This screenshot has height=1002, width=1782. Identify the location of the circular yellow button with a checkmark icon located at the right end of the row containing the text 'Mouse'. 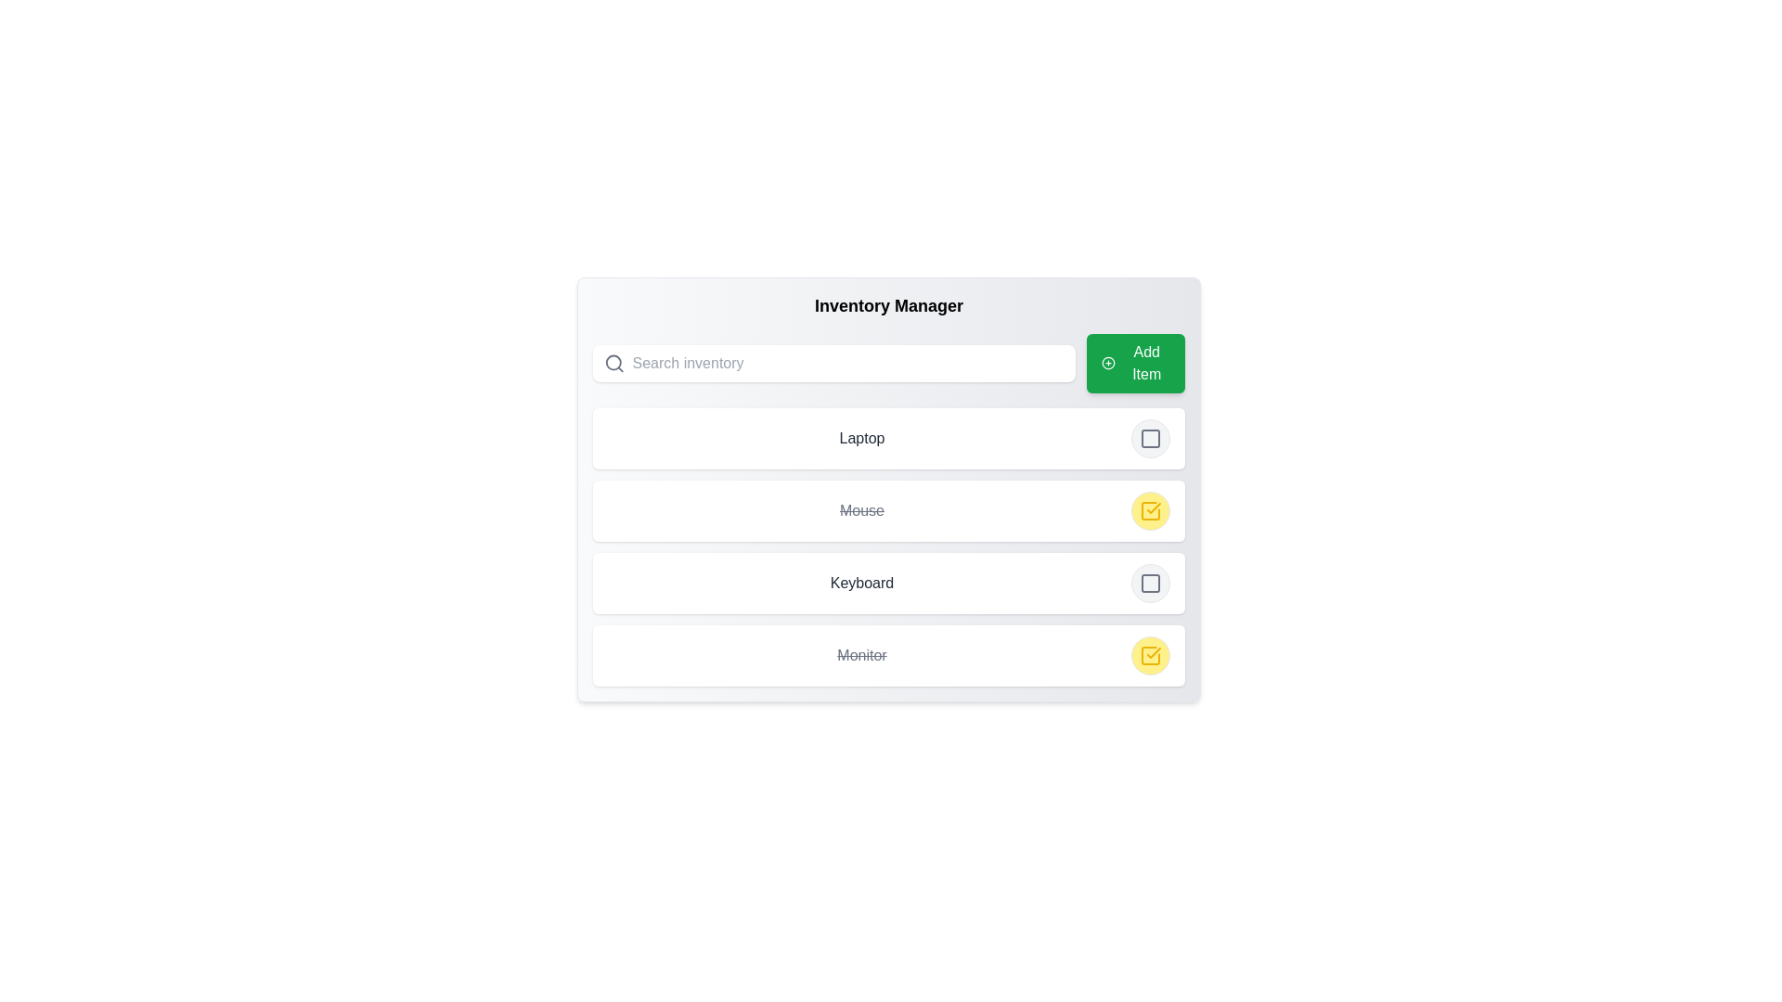
(1149, 511).